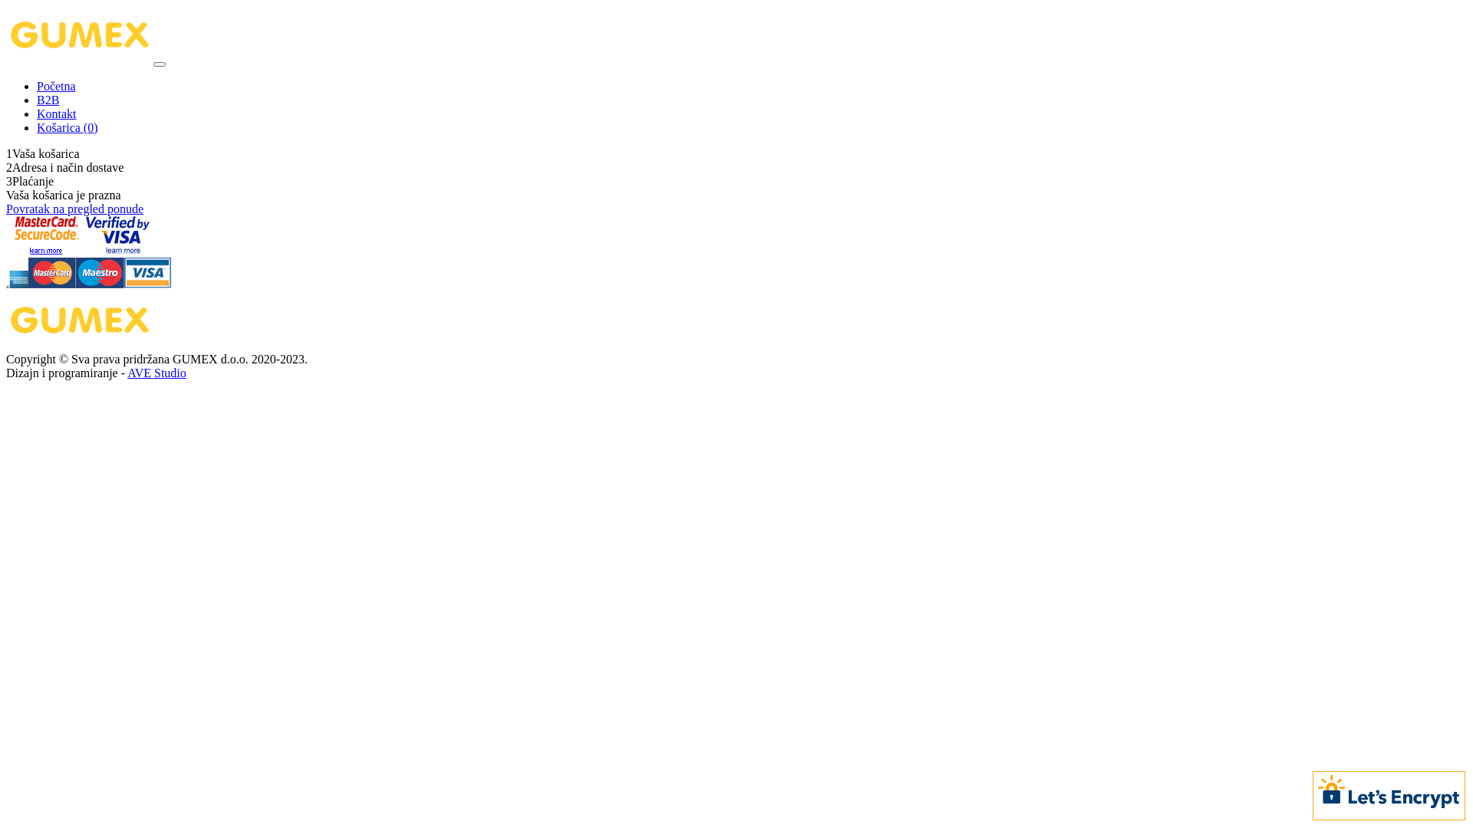 The image size is (1473, 828). Describe the element at coordinates (117, 249) in the screenshot. I see `'Verified By Visa'` at that location.